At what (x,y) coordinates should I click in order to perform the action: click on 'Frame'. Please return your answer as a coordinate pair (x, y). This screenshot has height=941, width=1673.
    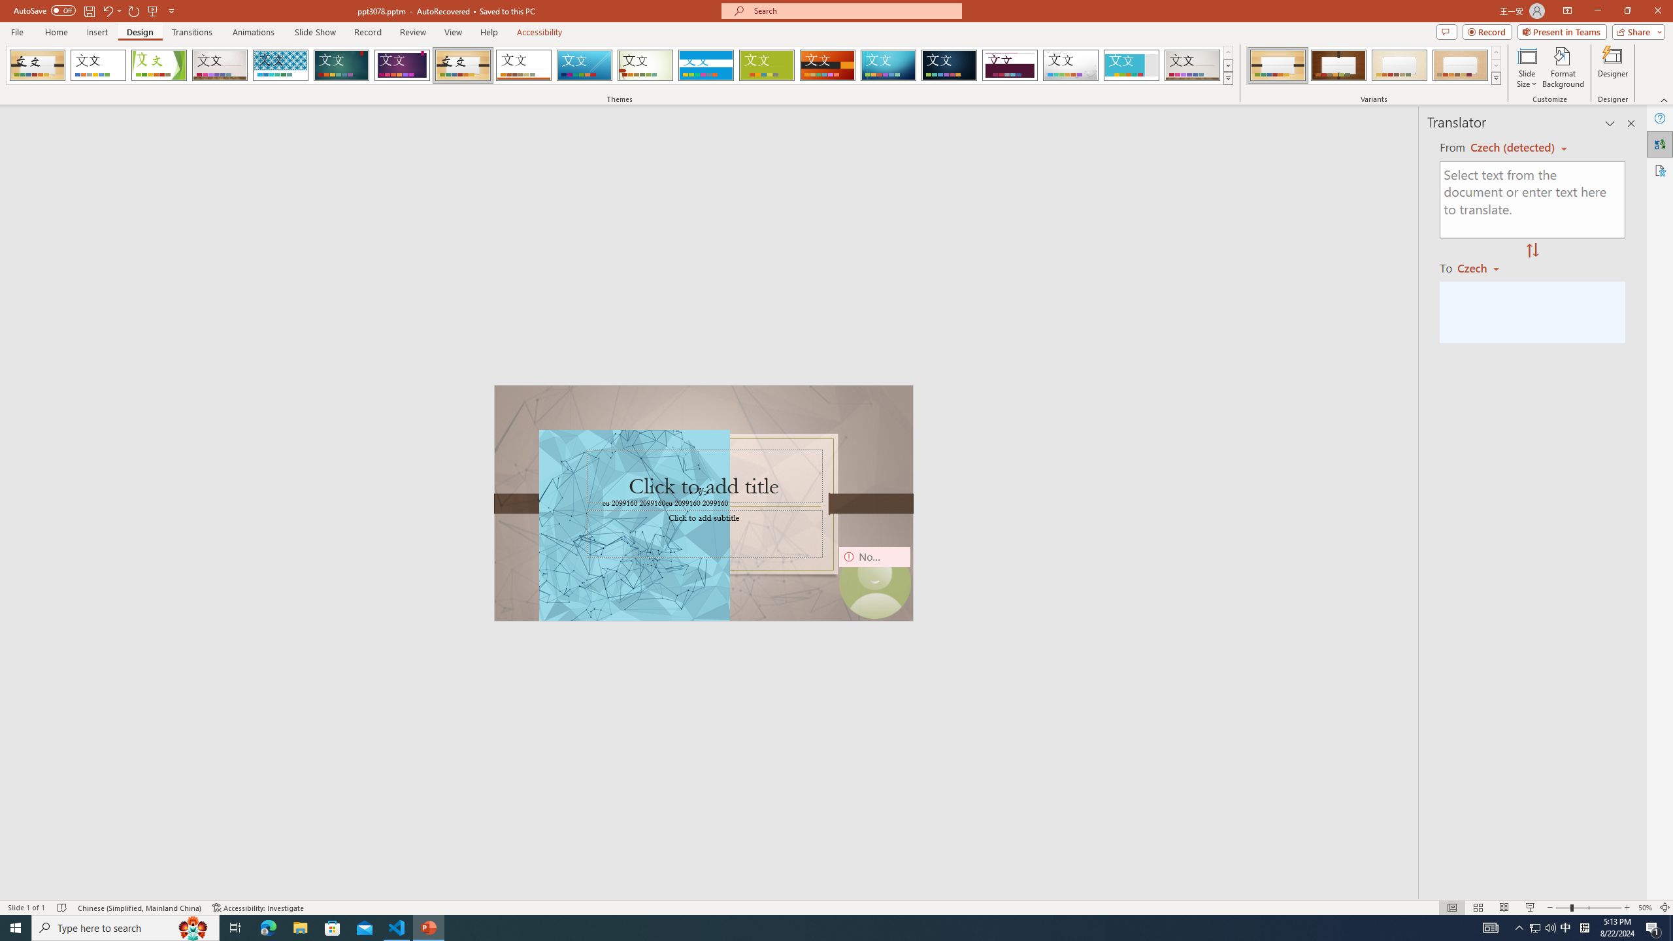
    Looking at the image, I should click on (1131, 65).